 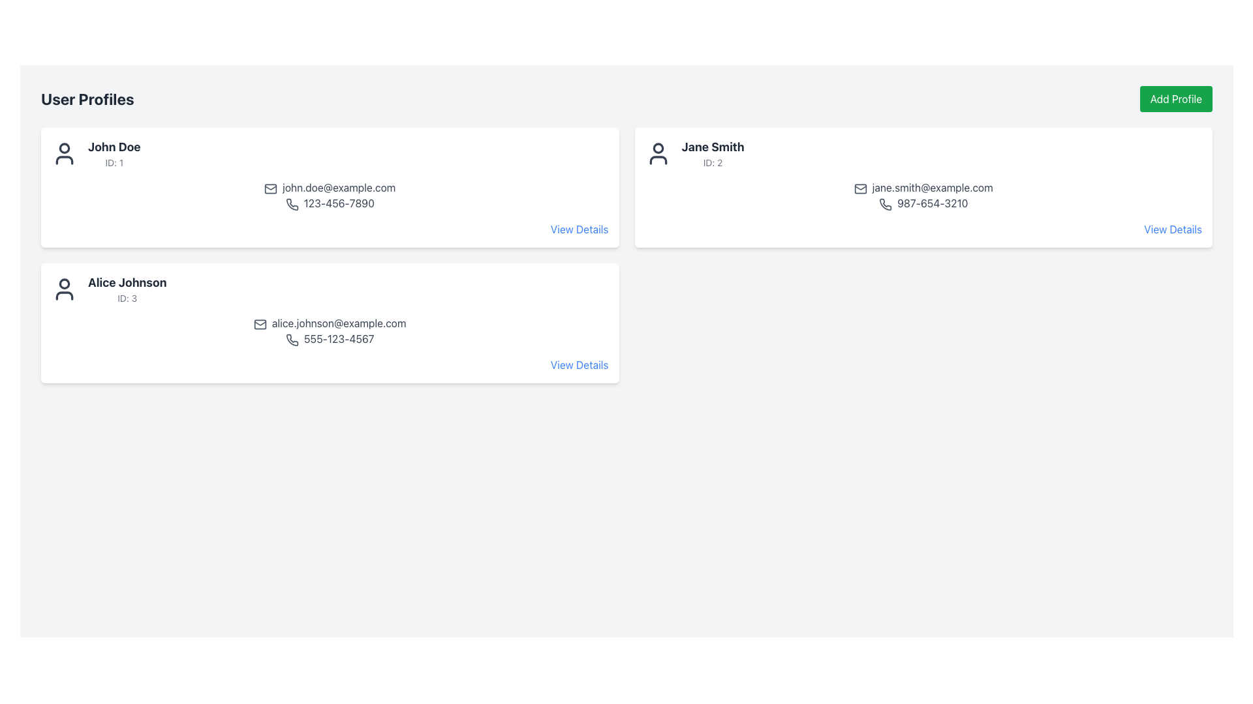 What do you see at coordinates (886, 204) in the screenshot?
I see `the telephone icon located in the profile card for 'Jane Smith', which indicates the associated phone number '987-654-3210'` at bounding box center [886, 204].